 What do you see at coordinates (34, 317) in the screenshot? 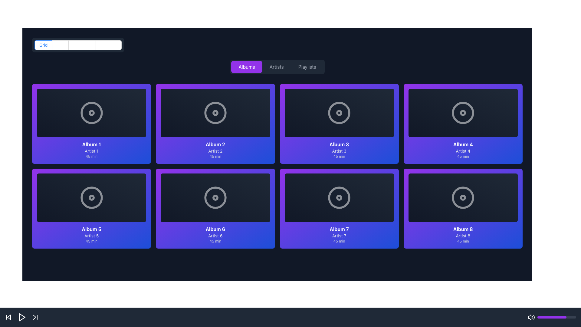
I see `the 'Skip Forward' button located at the rightmost position of the horizontal control bar` at bounding box center [34, 317].